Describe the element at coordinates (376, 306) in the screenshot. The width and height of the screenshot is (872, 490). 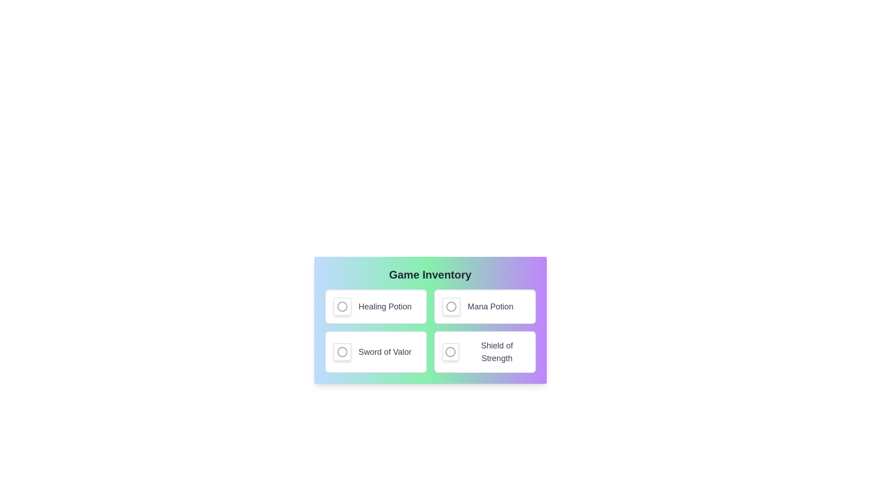
I see `the item Healing Potion to observe hover effects` at that location.